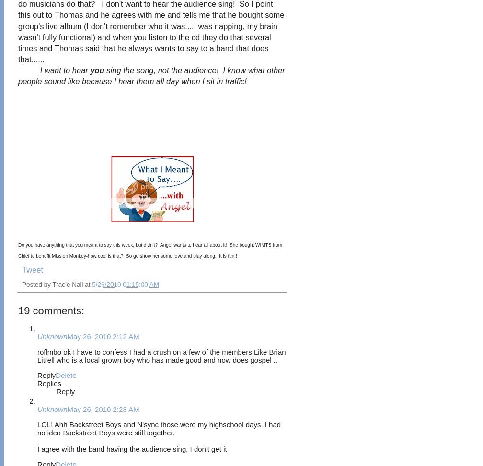 This screenshot has height=466, width=483. Describe the element at coordinates (103, 336) in the screenshot. I see `'May 26, 2010 2:12 AM'` at that location.